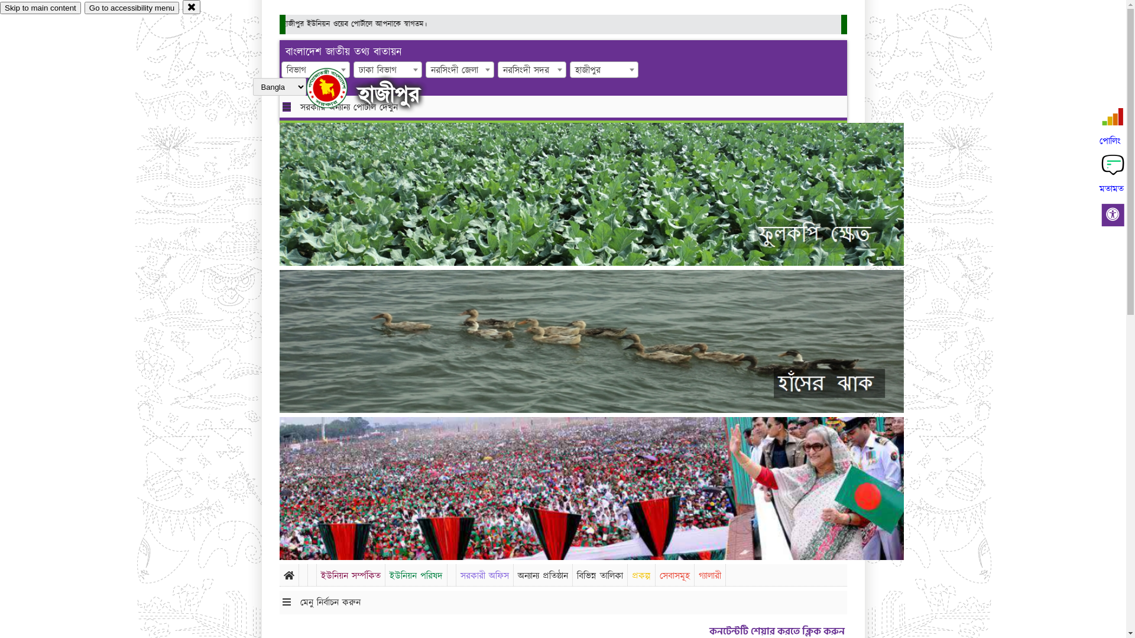 This screenshot has width=1135, height=638. What do you see at coordinates (0, 8) in the screenshot?
I see `'Skip to main content'` at bounding box center [0, 8].